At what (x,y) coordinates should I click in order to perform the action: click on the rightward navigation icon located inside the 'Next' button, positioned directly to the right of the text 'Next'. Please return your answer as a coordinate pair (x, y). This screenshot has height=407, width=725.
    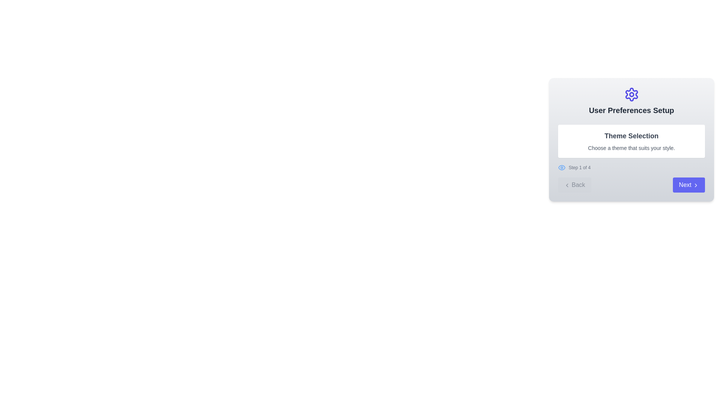
    Looking at the image, I should click on (696, 185).